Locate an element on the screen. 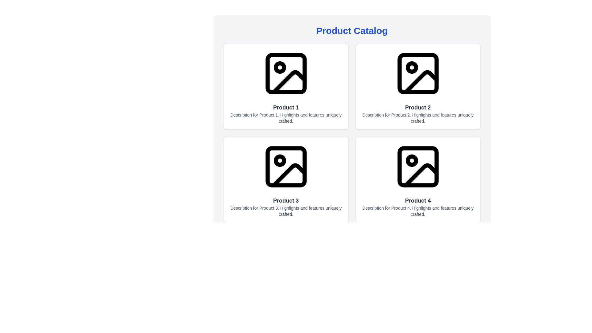  the SVG circle element representing a design feature in the Product 3 card, which is located in the third position of the grid layout is located at coordinates (279, 160).